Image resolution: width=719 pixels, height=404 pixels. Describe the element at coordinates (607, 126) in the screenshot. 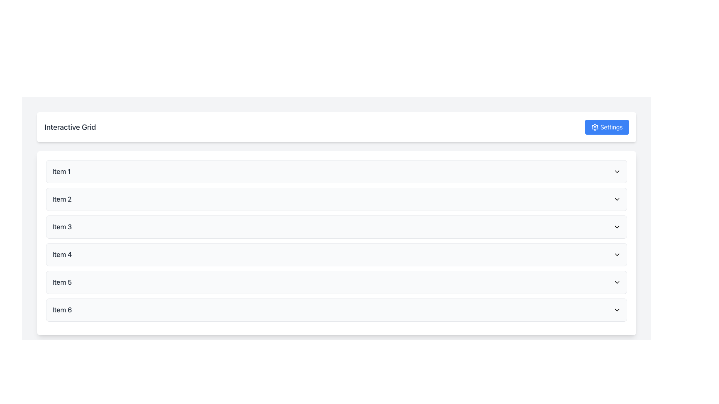

I see `the 'Settings' button located in the top-right corner of the Interactive Grid` at that location.